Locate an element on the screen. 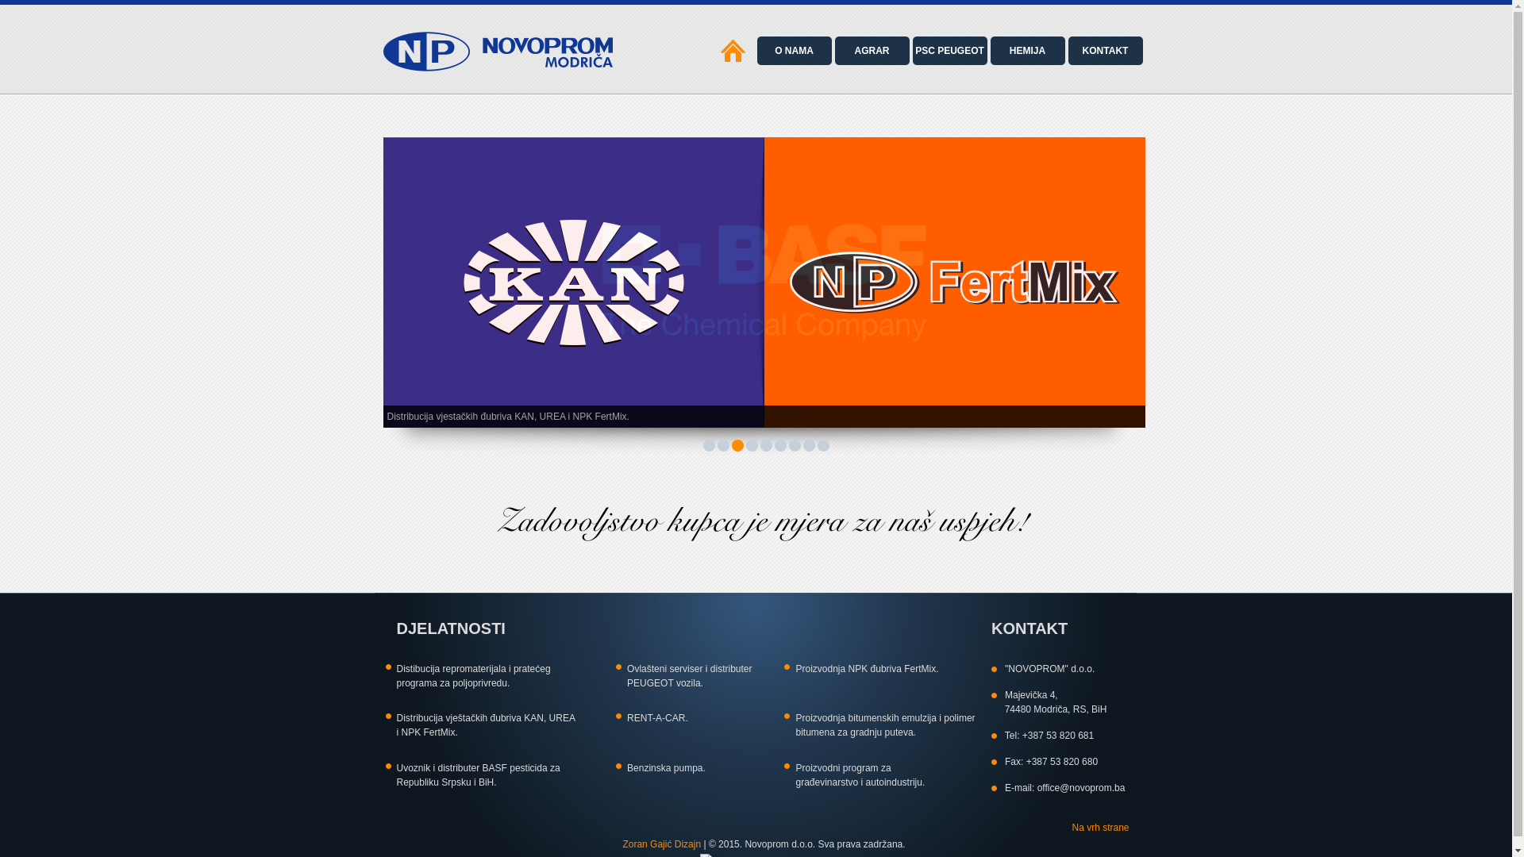  'Na vrh strane' is located at coordinates (1099, 826).